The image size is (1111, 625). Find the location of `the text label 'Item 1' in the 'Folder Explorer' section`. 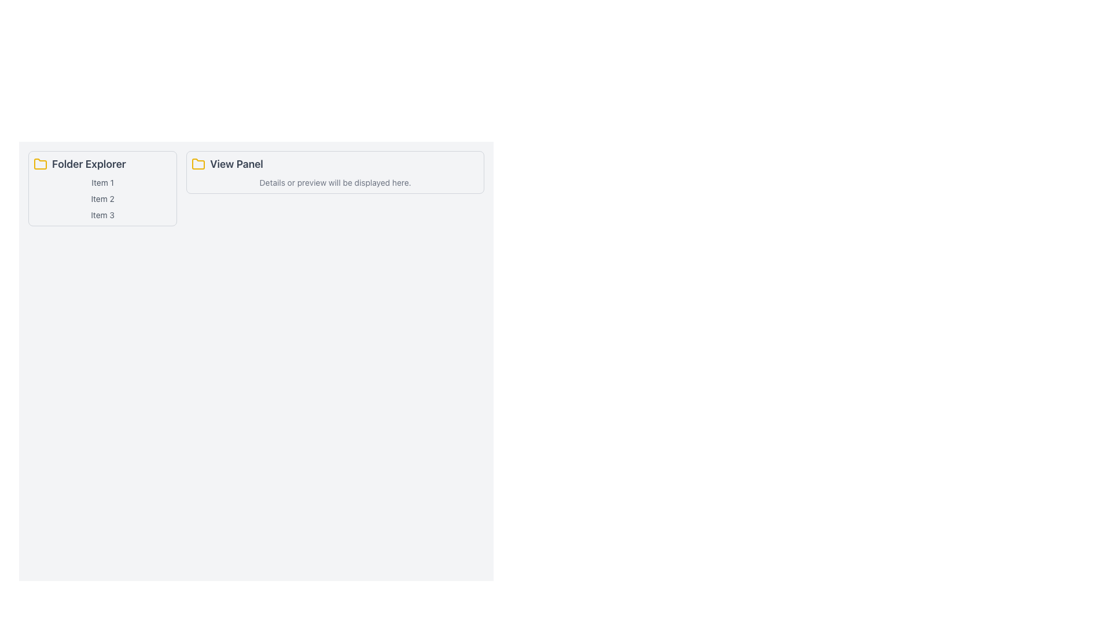

the text label 'Item 1' in the 'Folder Explorer' section is located at coordinates (102, 182).